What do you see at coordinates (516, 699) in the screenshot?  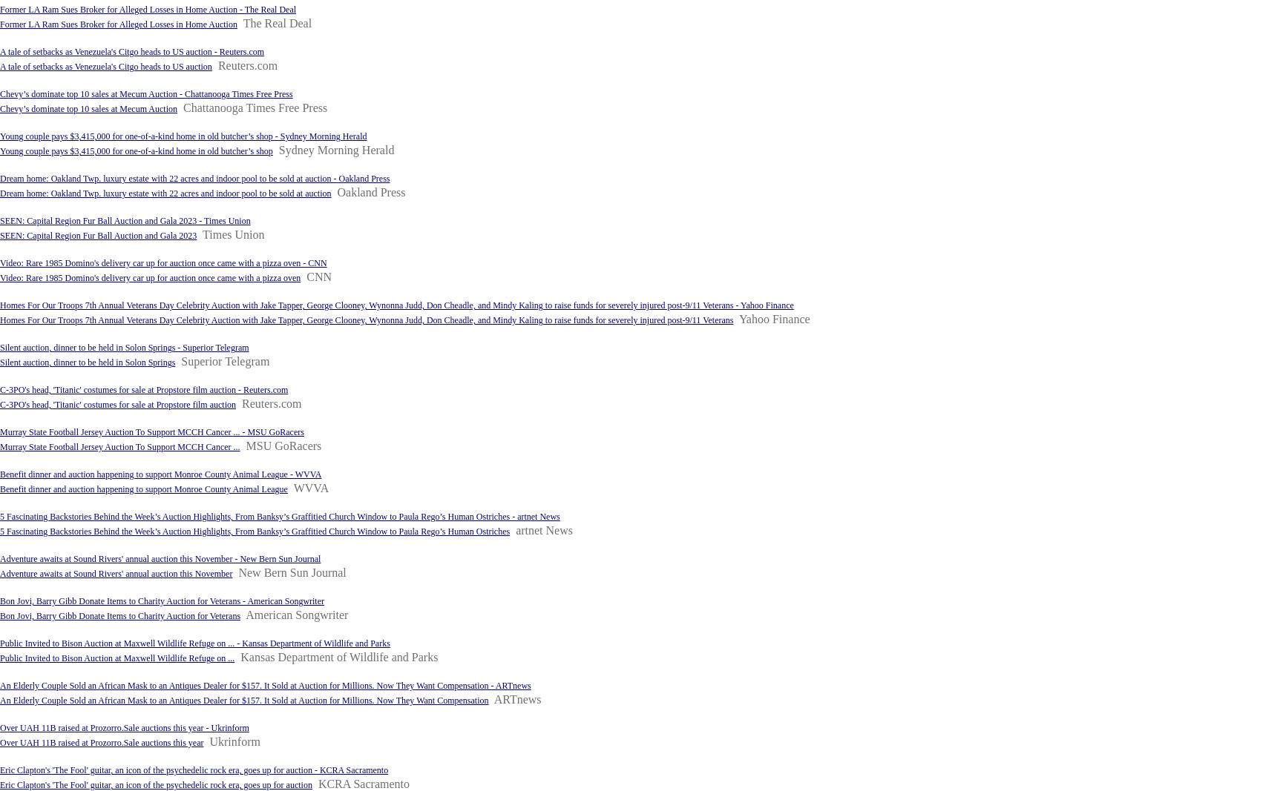 I see `'ARTnews'` at bounding box center [516, 699].